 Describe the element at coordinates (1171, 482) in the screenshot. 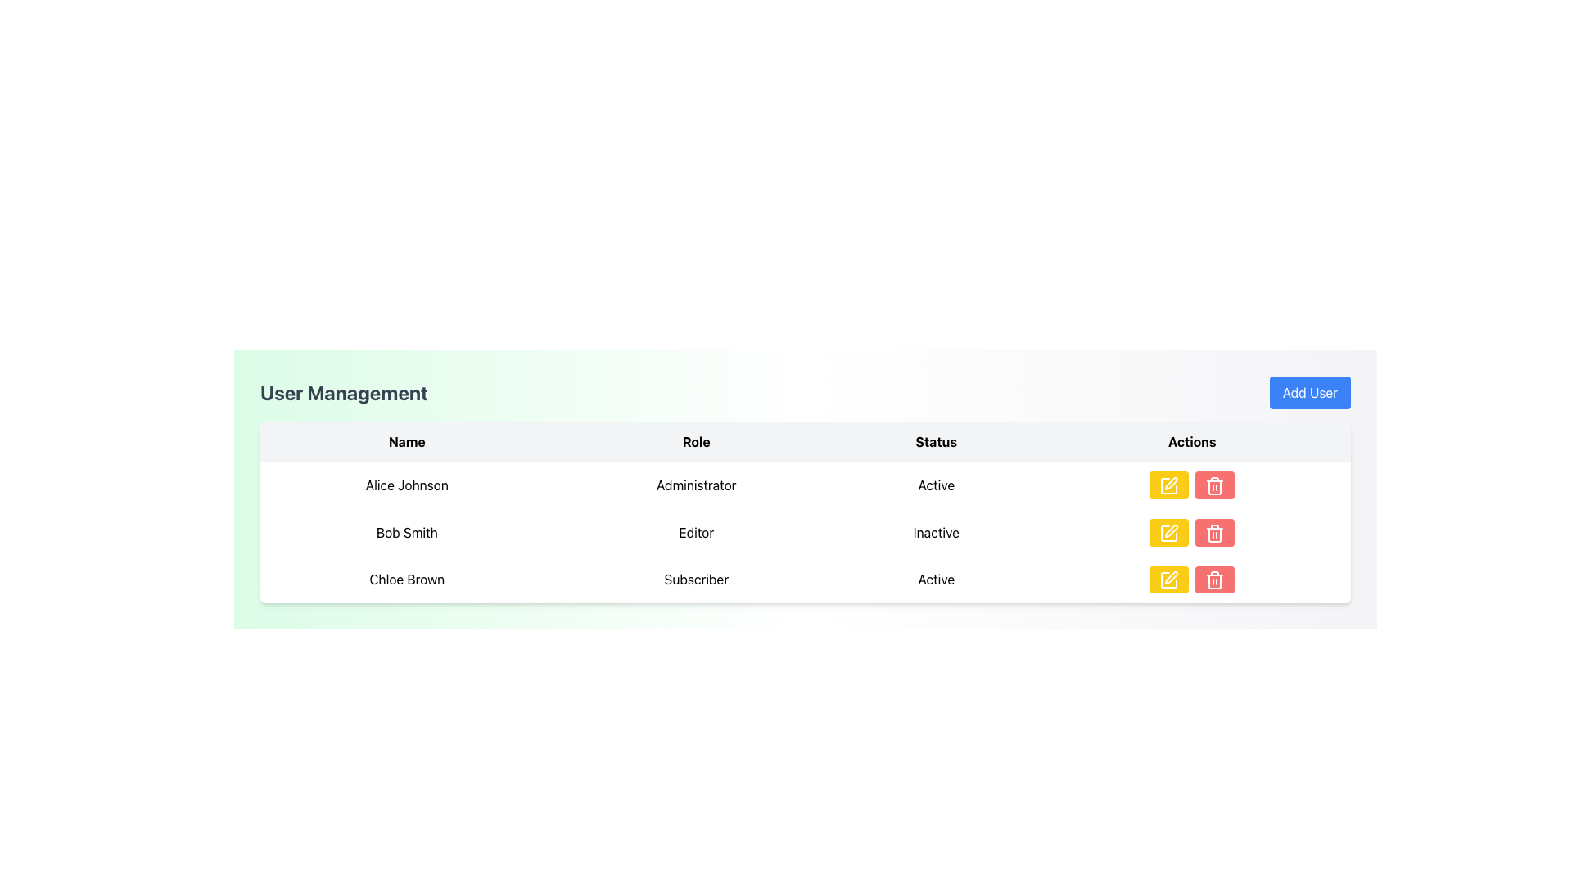

I see `the edit icon in the user management table corresponding to 'Bob Smith'` at that location.